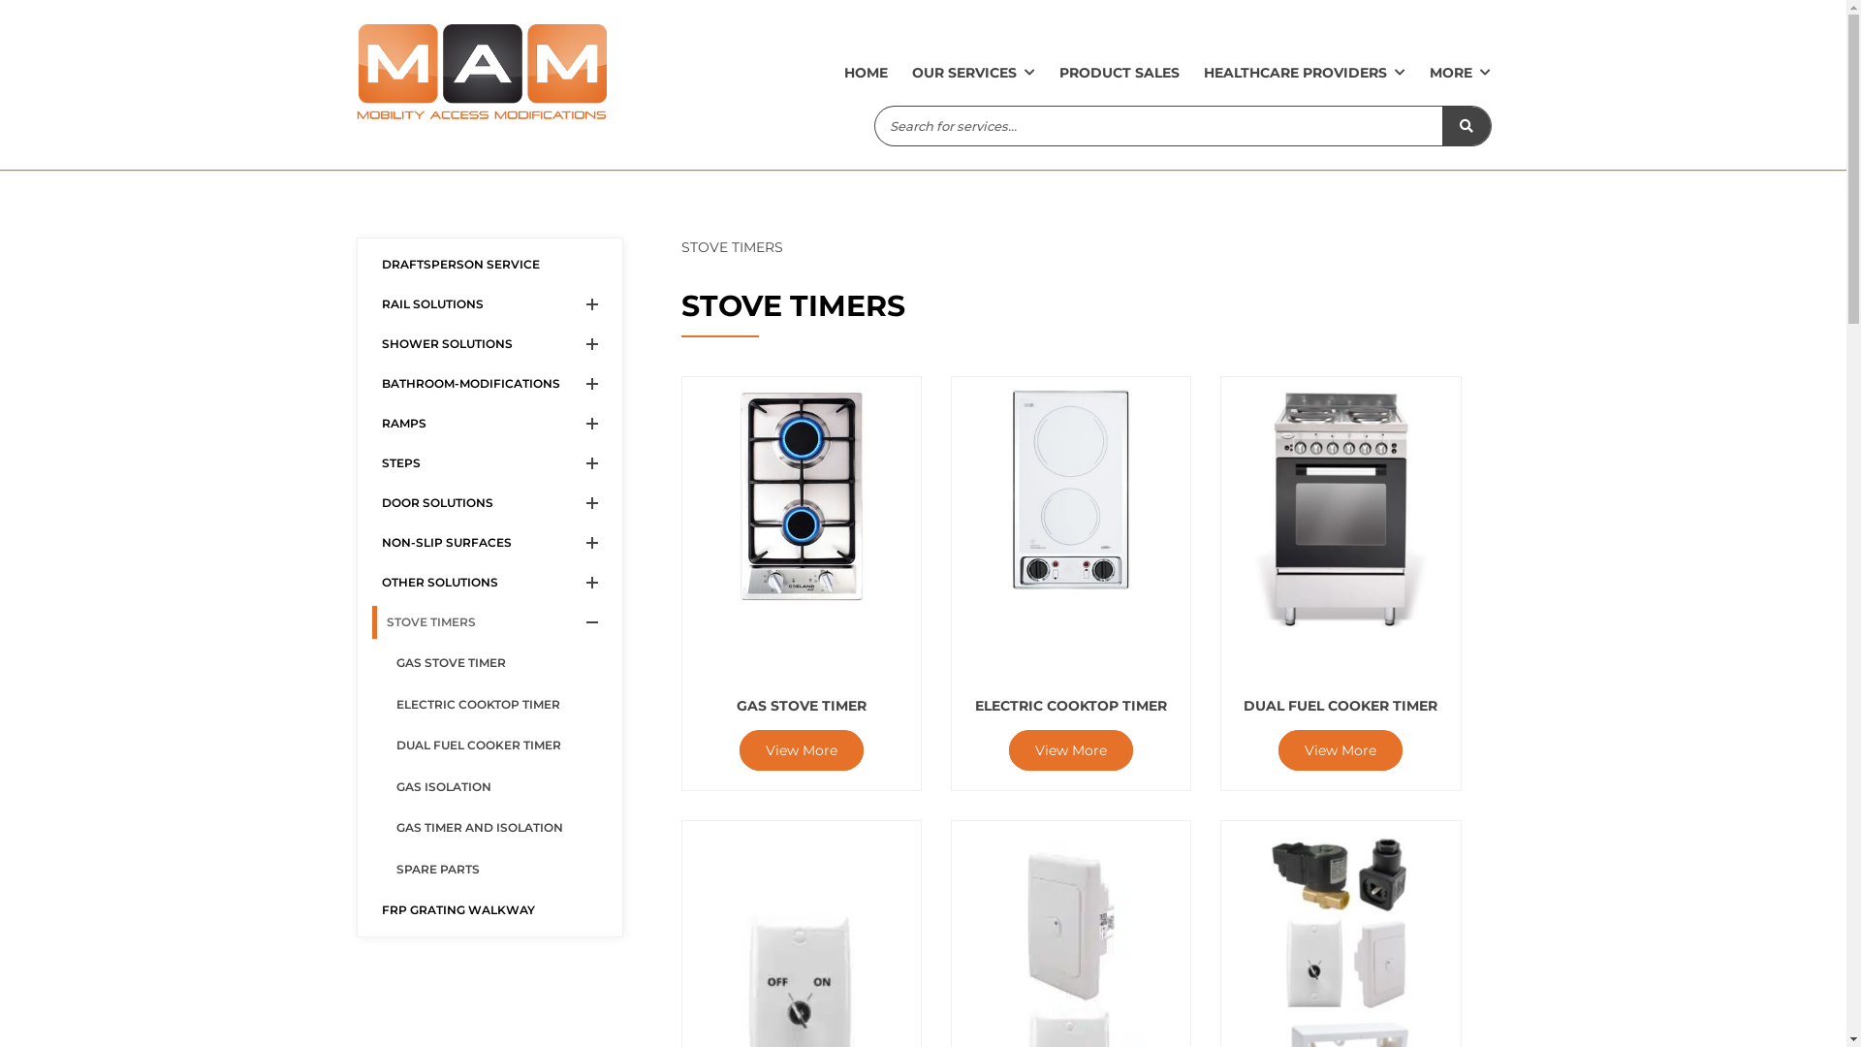 The image size is (1861, 1047). I want to click on 'Mobility Access Modifications', so click(357, 71).